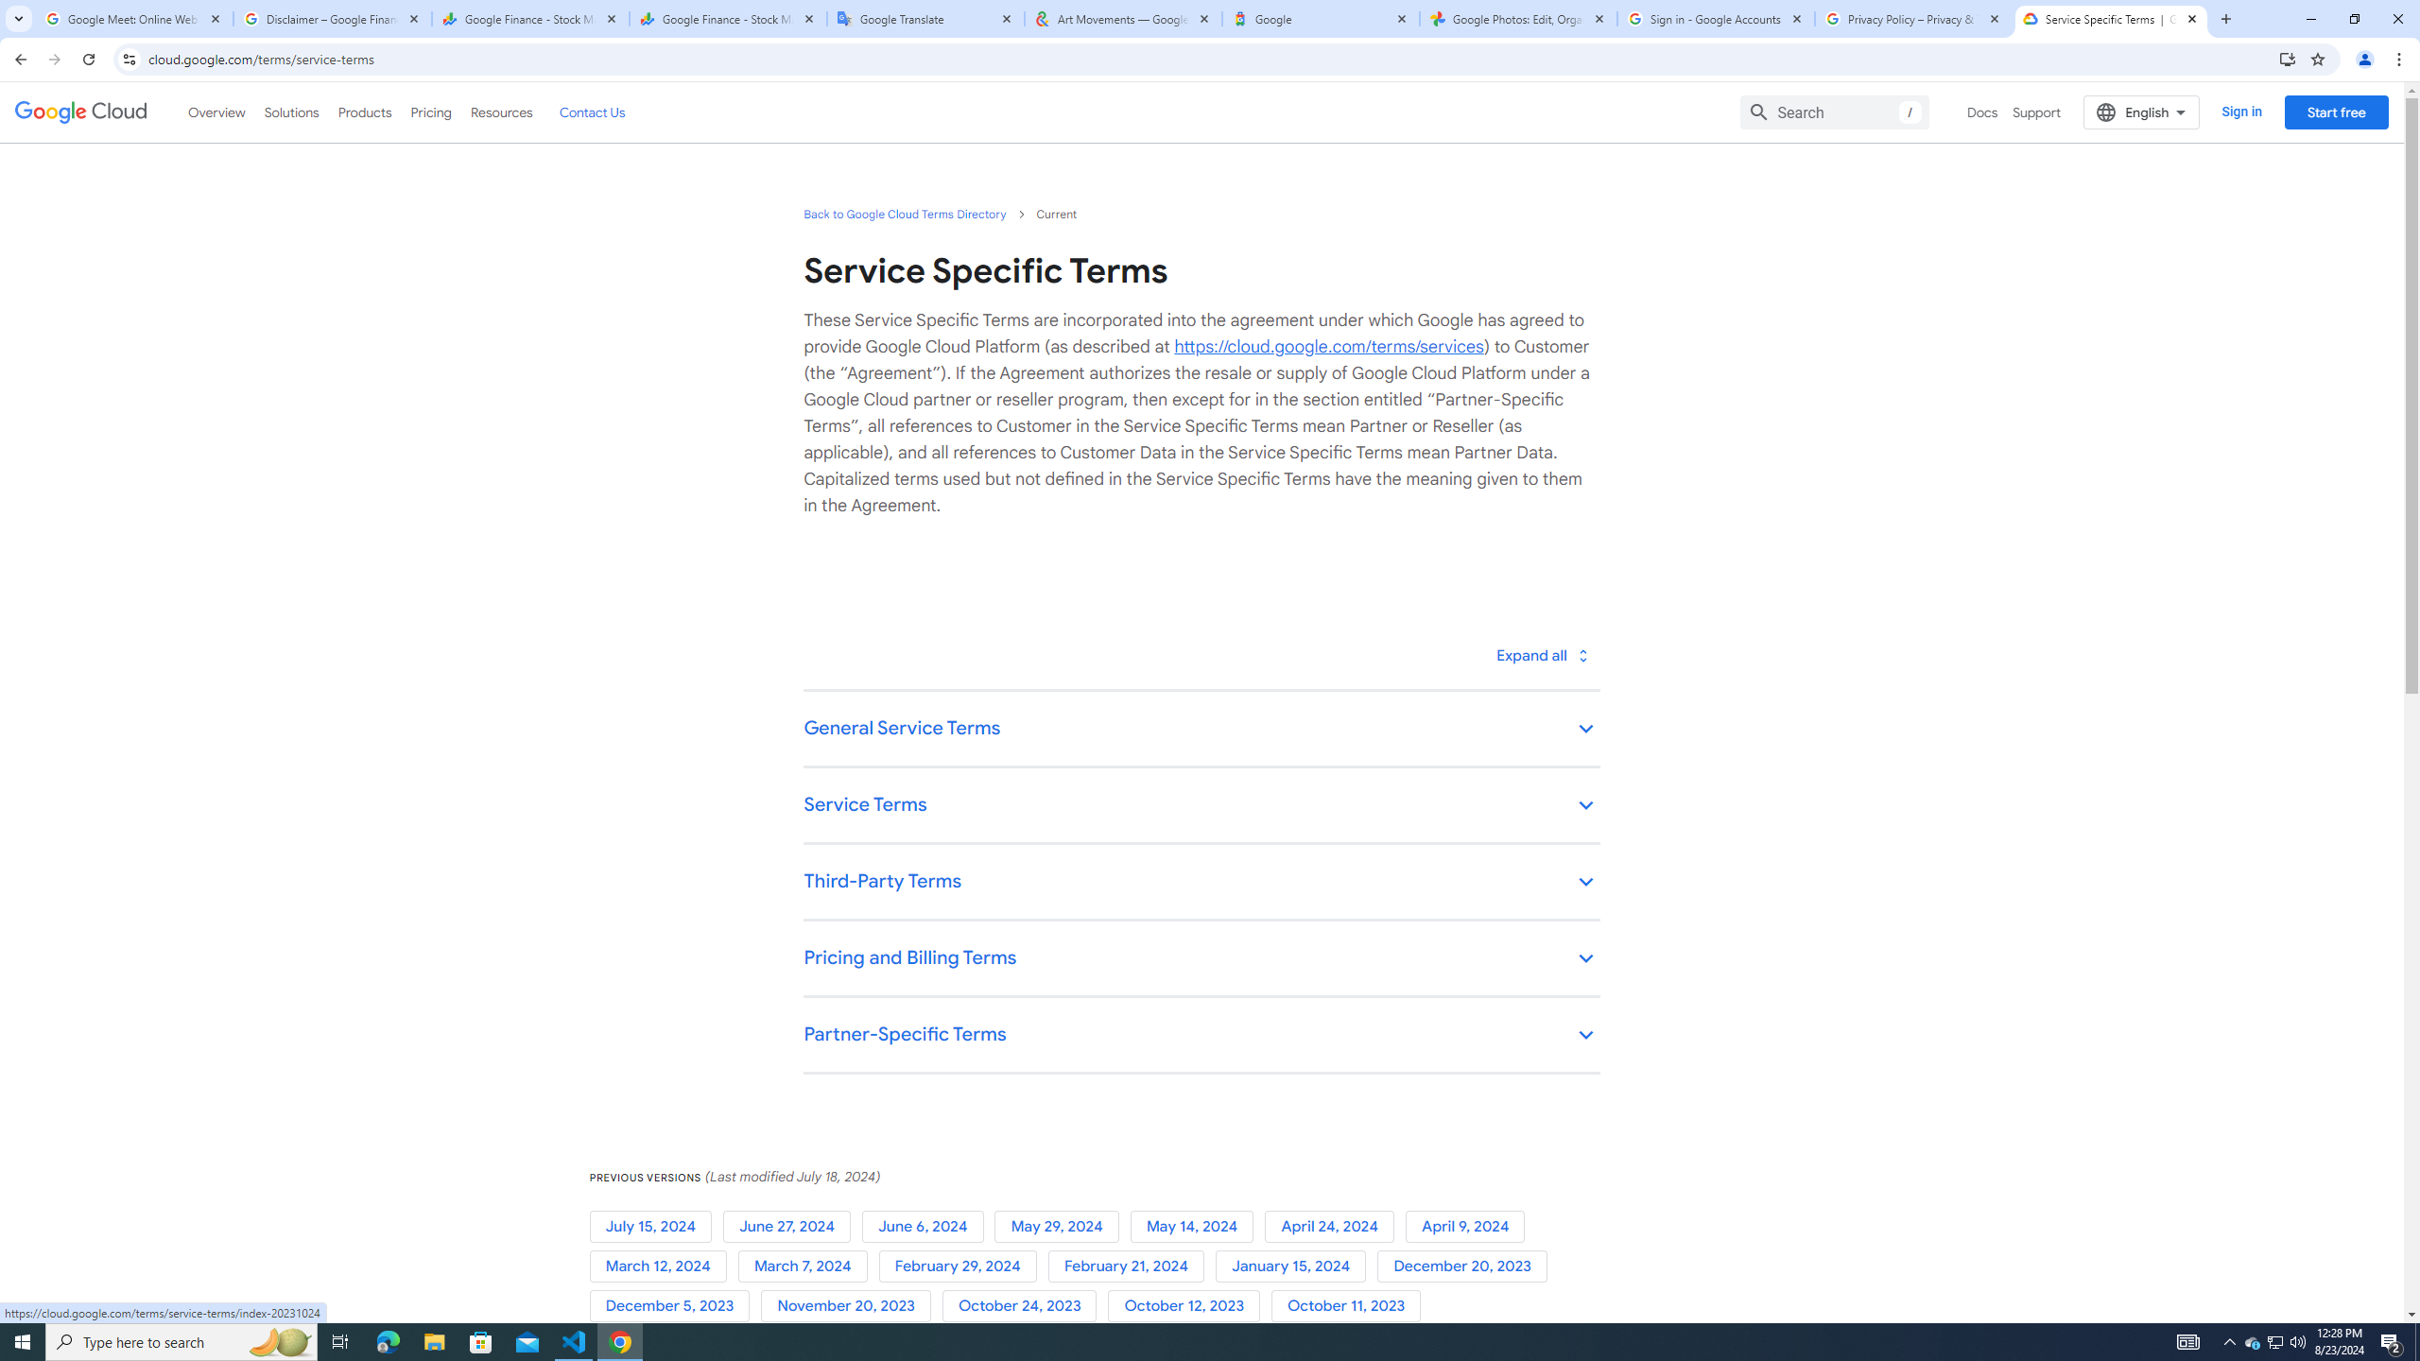 This screenshot has width=2420, height=1361. What do you see at coordinates (654, 1227) in the screenshot?
I see `'July 15, 2024'` at bounding box center [654, 1227].